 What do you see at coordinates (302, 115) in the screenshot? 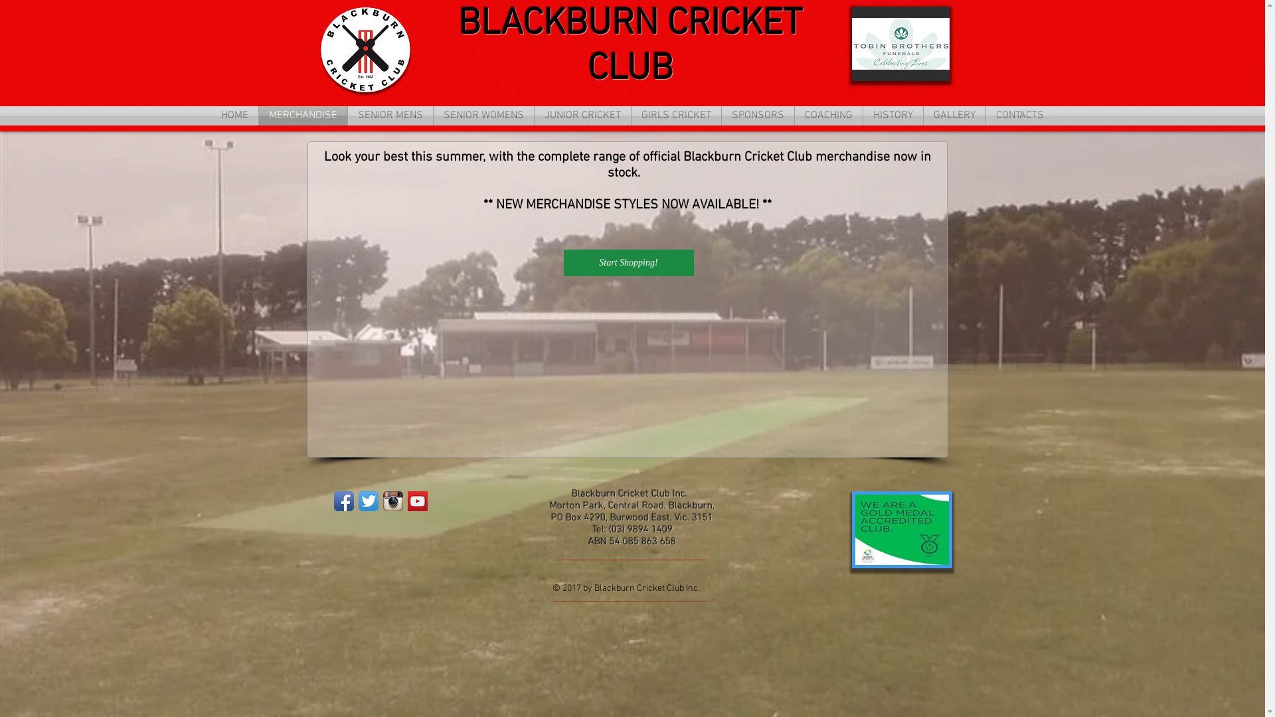
I see `'MERCHANDISE'` at bounding box center [302, 115].